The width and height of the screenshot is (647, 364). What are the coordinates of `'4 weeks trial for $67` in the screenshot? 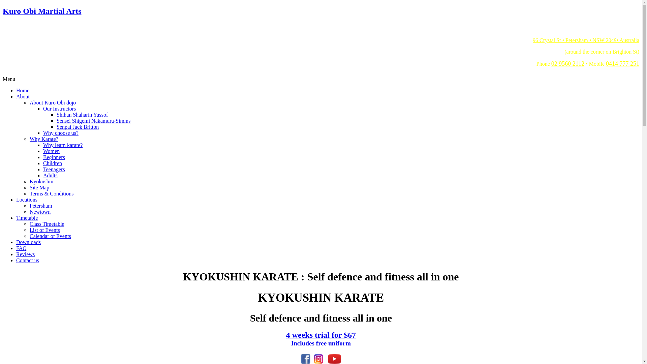 It's located at (321, 339).